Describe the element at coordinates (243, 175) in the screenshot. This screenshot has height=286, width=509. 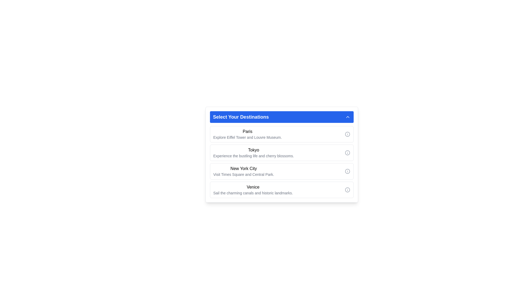
I see `the text element reading 'Visit Times Square and Central Park.' which is styled in a smaller gray font and positioned below the title 'New York City'` at that location.